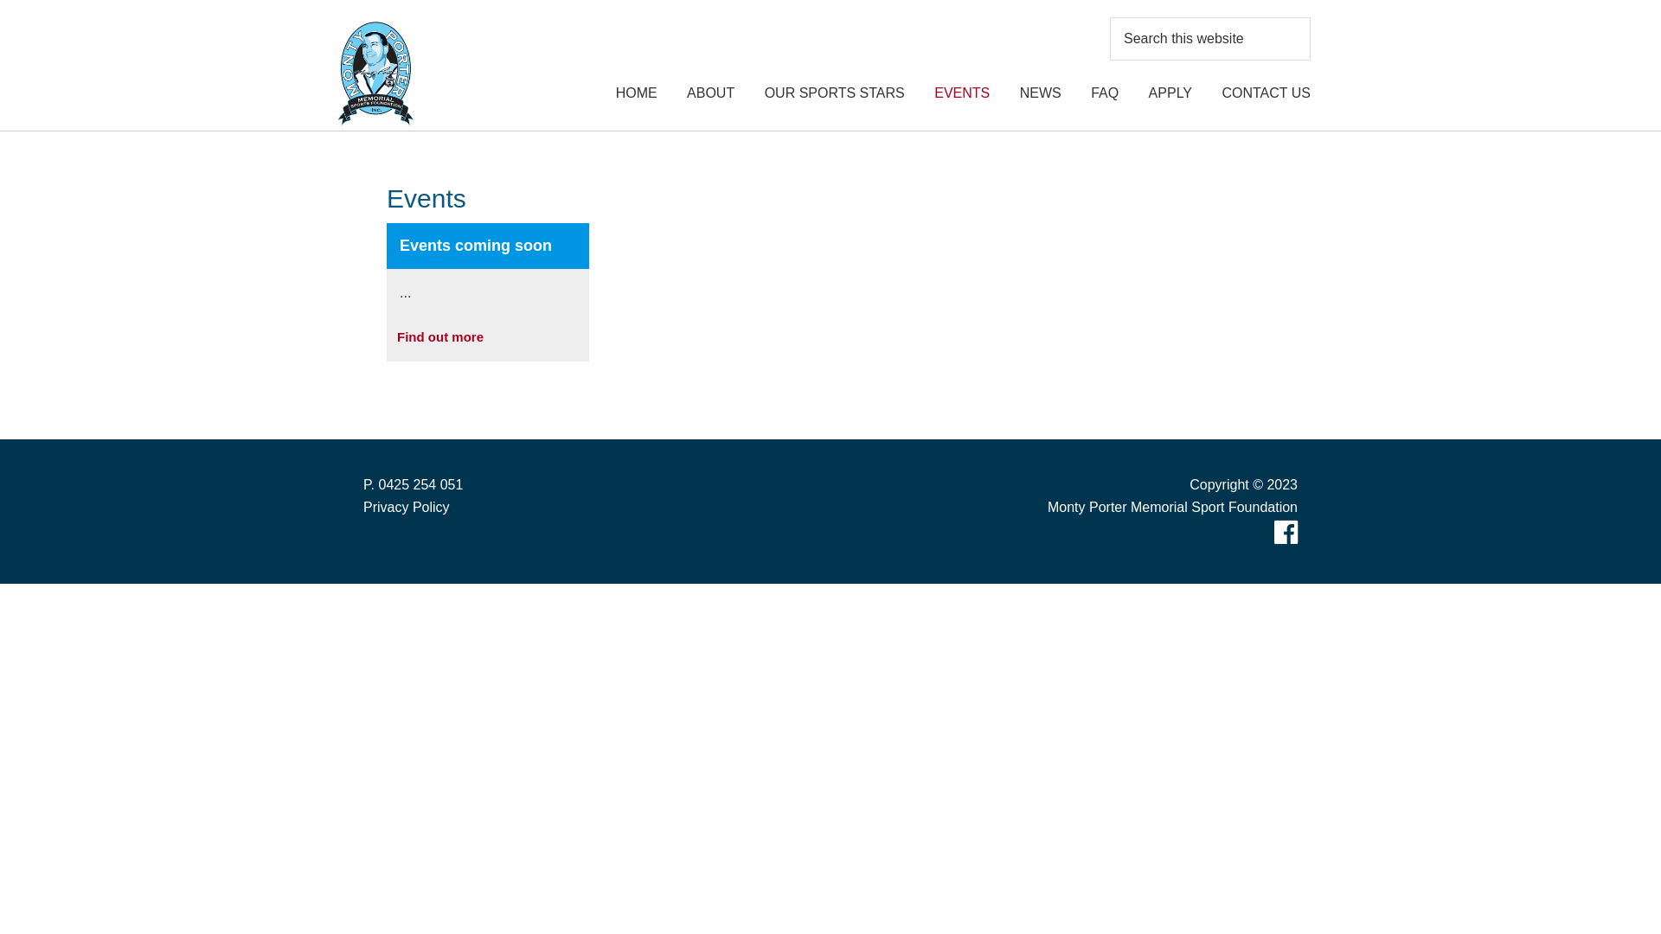 Image resolution: width=1661 pixels, height=934 pixels. Describe the element at coordinates (1266, 93) in the screenshot. I see `'CONTACT US'` at that location.